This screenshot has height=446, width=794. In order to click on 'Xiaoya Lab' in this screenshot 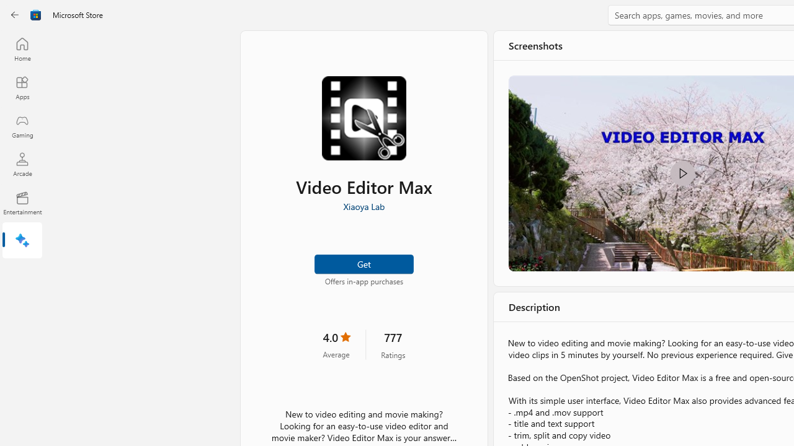, I will do `click(363, 206)`.